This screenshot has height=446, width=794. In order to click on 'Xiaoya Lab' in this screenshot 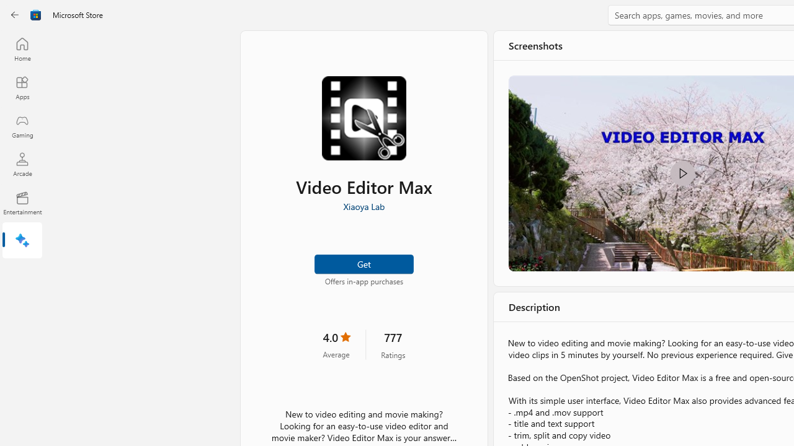, I will do `click(363, 206)`.